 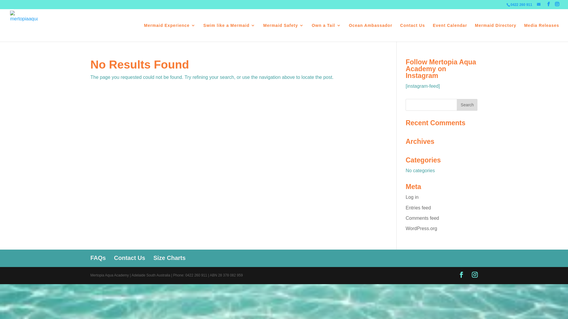 I want to click on 'Comments feed', so click(x=422, y=218).